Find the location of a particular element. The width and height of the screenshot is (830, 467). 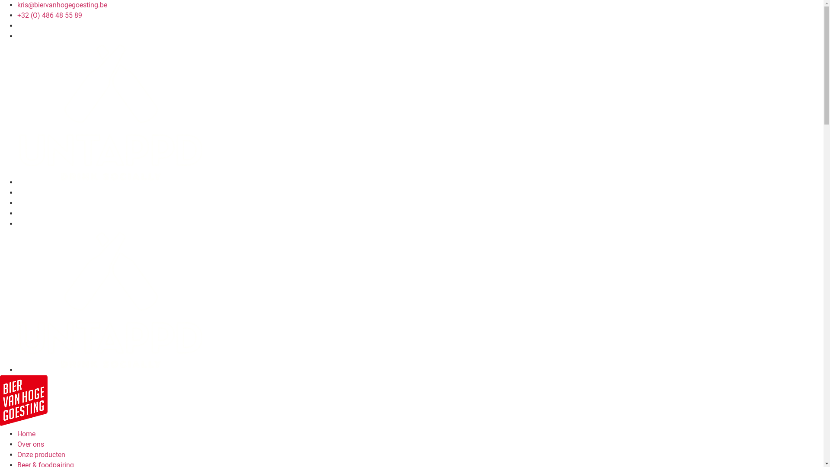

'Home' is located at coordinates (26, 434).